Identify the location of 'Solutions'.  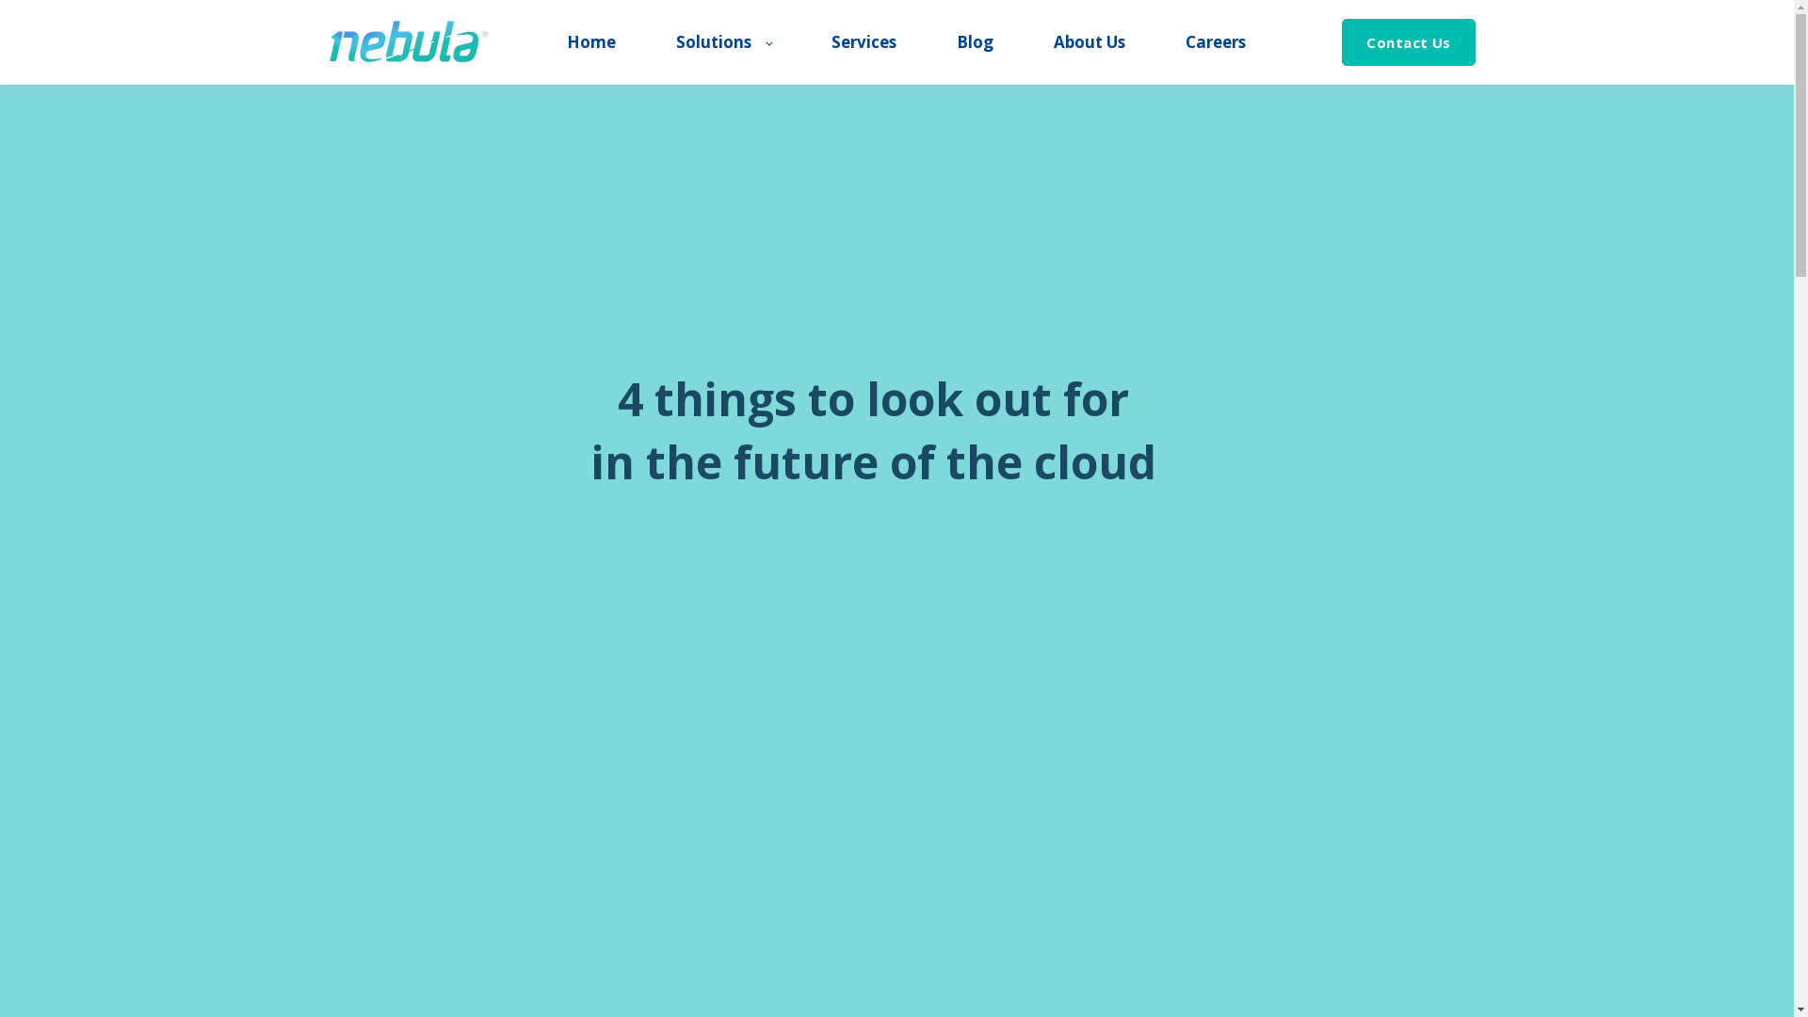
(722, 42).